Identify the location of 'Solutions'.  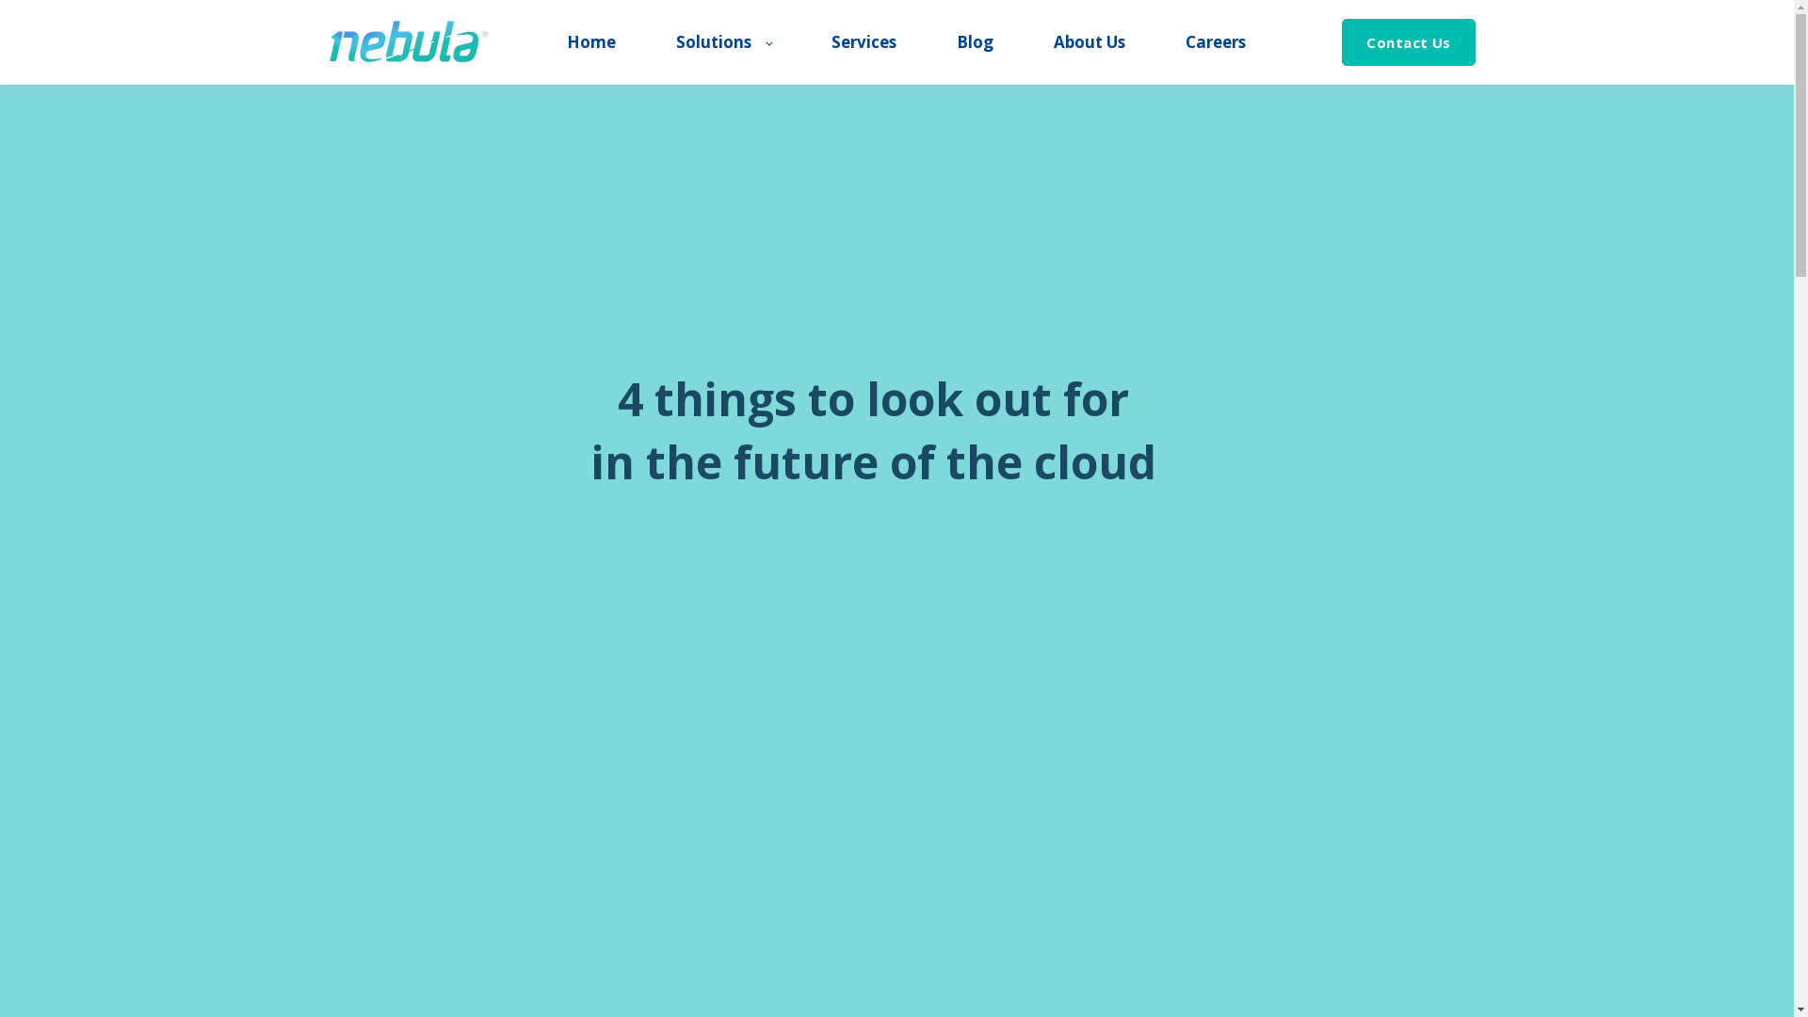
(722, 42).